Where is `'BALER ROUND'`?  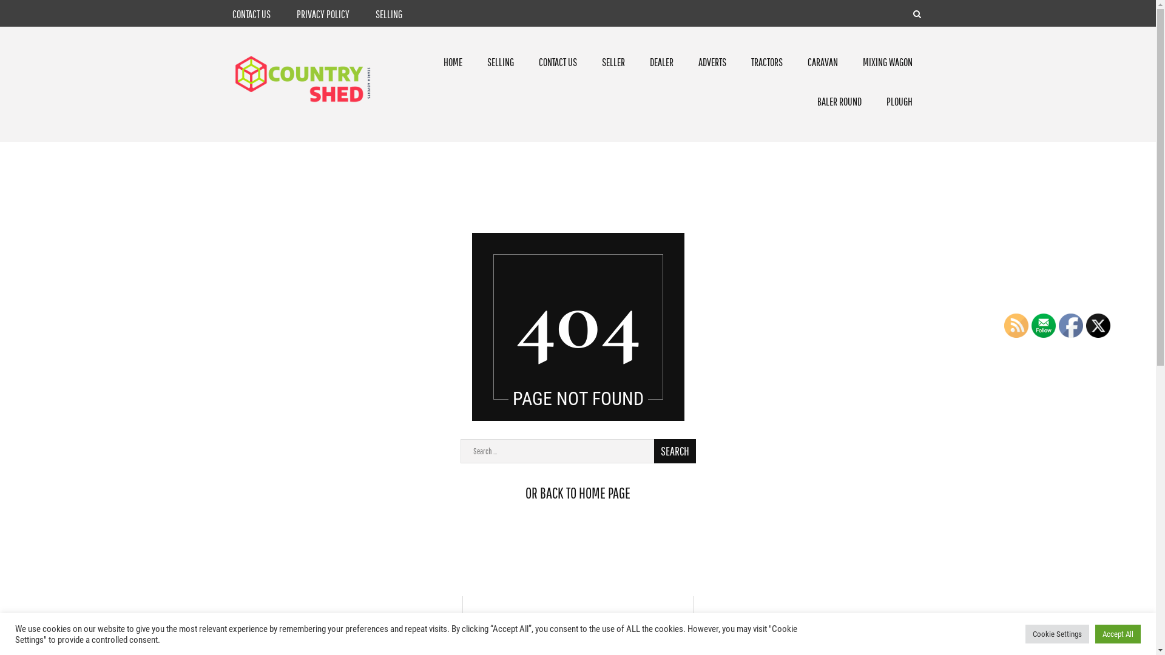 'BALER ROUND' is located at coordinates (839, 101).